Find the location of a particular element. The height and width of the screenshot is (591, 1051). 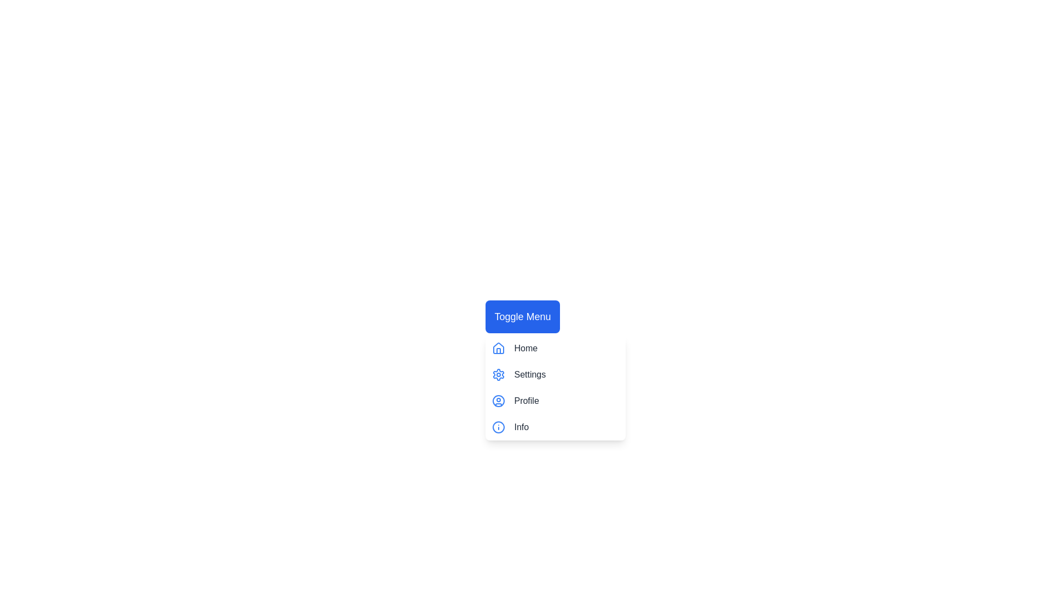

the menu item Home by clicking on it is located at coordinates (555, 348).